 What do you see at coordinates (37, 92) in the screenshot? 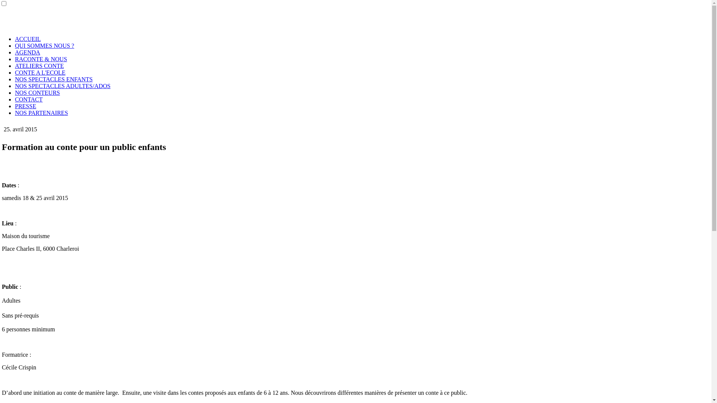
I see `'NOS CONTEURS'` at bounding box center [37, 92].